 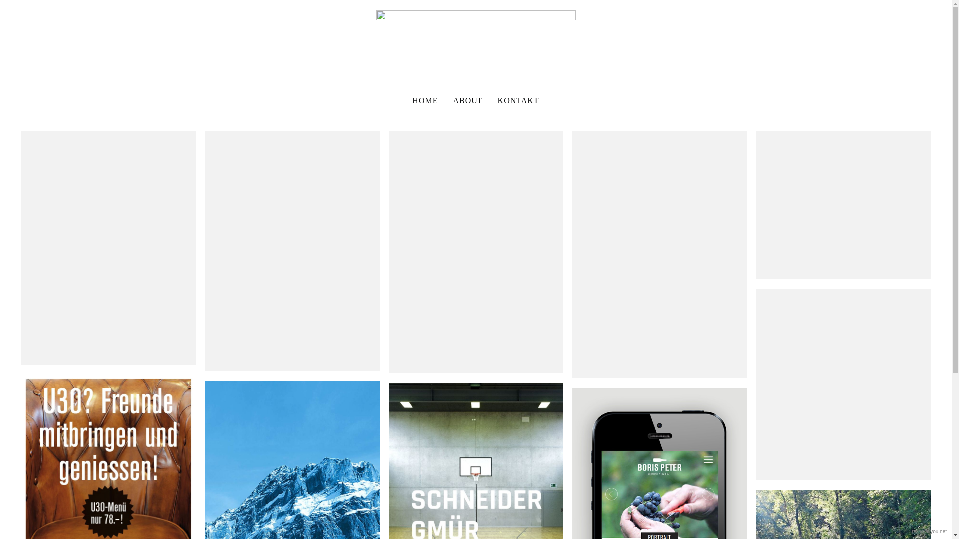 What do you see at coordinates (425, 100) in the screenshot?
I see `'HOME'` at bounding box center [425, 100].